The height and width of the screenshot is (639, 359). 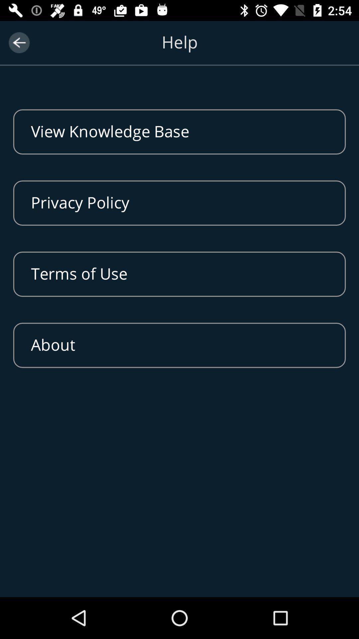 I want to click on move to the text next to back arrow, so click(x=179, y=50).